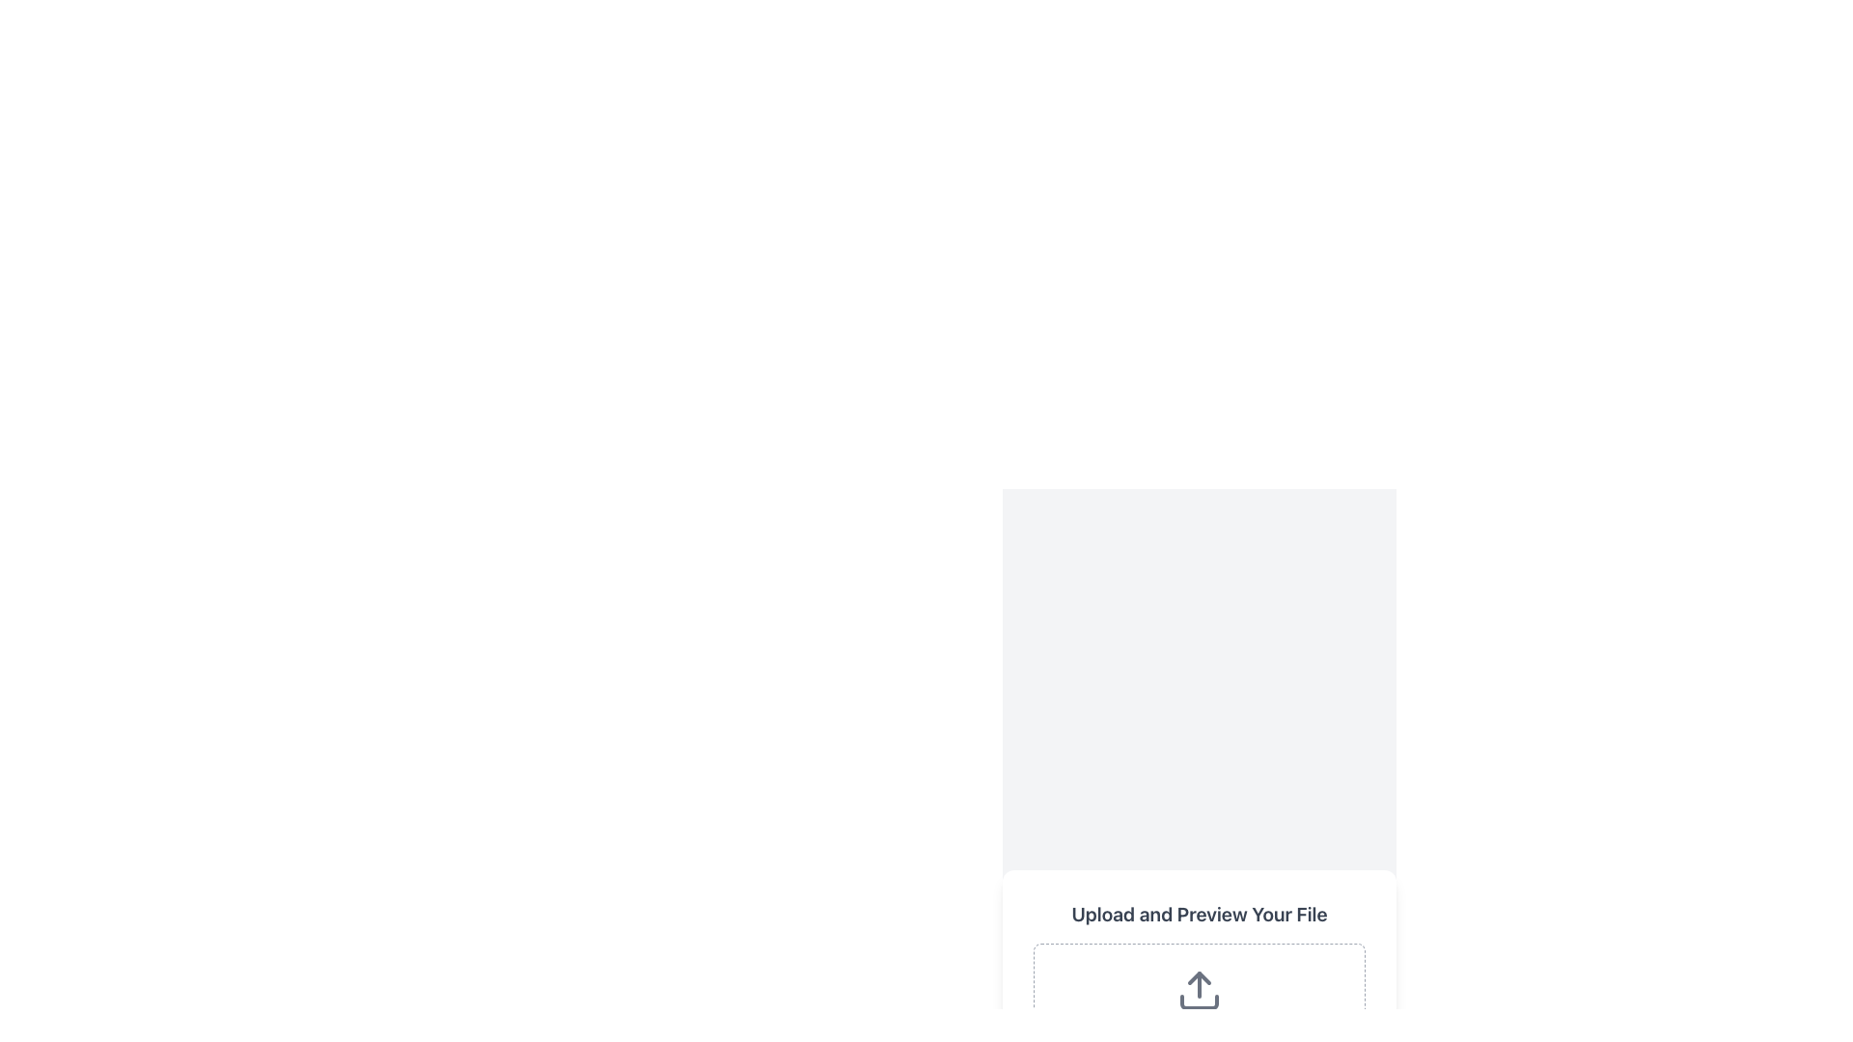 The width and height of the screenshot is (1853, 1042). I want to click on the static text label that serves as a title for the file upload section, positioned at the top of the file upload area, so click(1199, 914).